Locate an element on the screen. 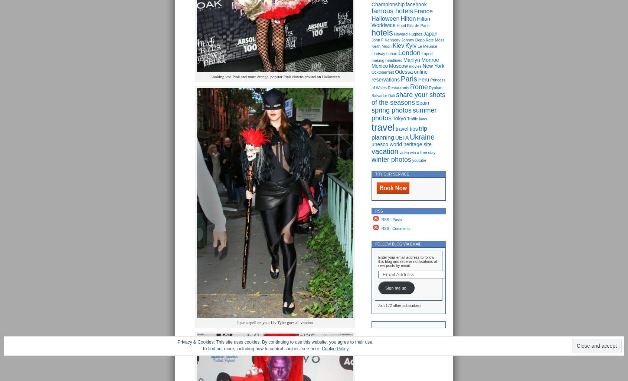  'London' is located at coordinates (409, 53).